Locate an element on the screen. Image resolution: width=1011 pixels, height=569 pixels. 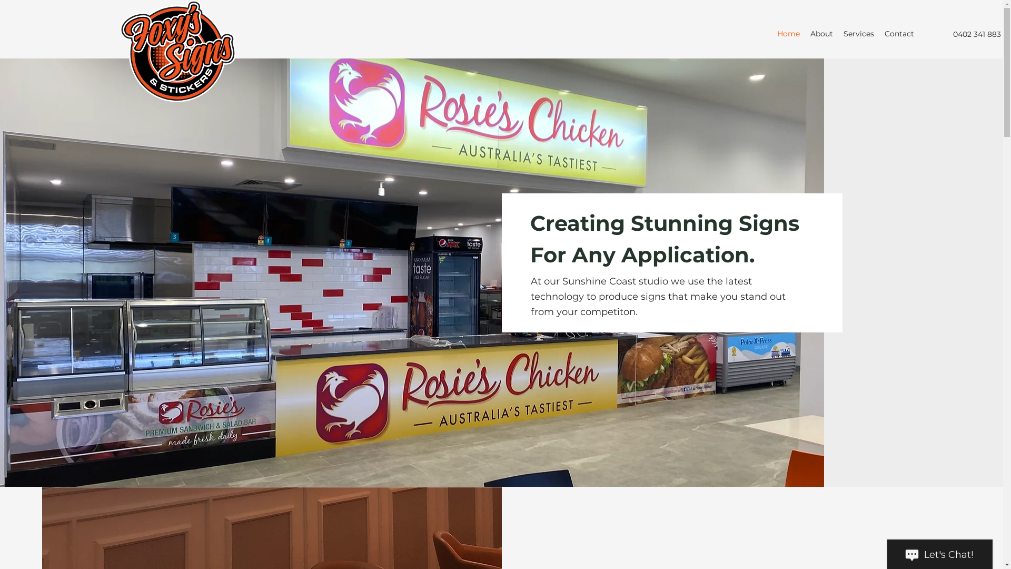
'Contact' is located at coordinates (879, 33).